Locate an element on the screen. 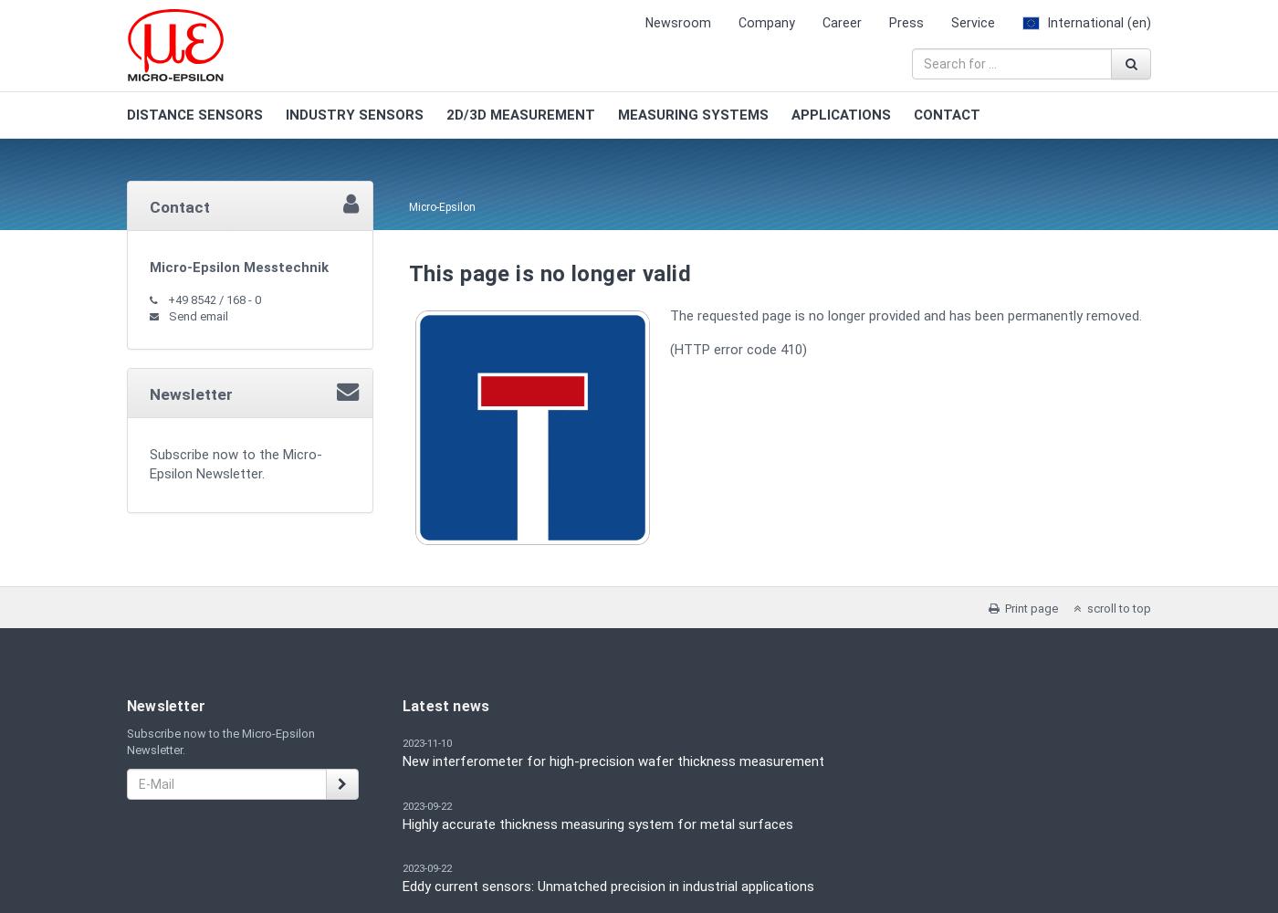  'Micro-Epsilon' is located at coordinates (442, 206).